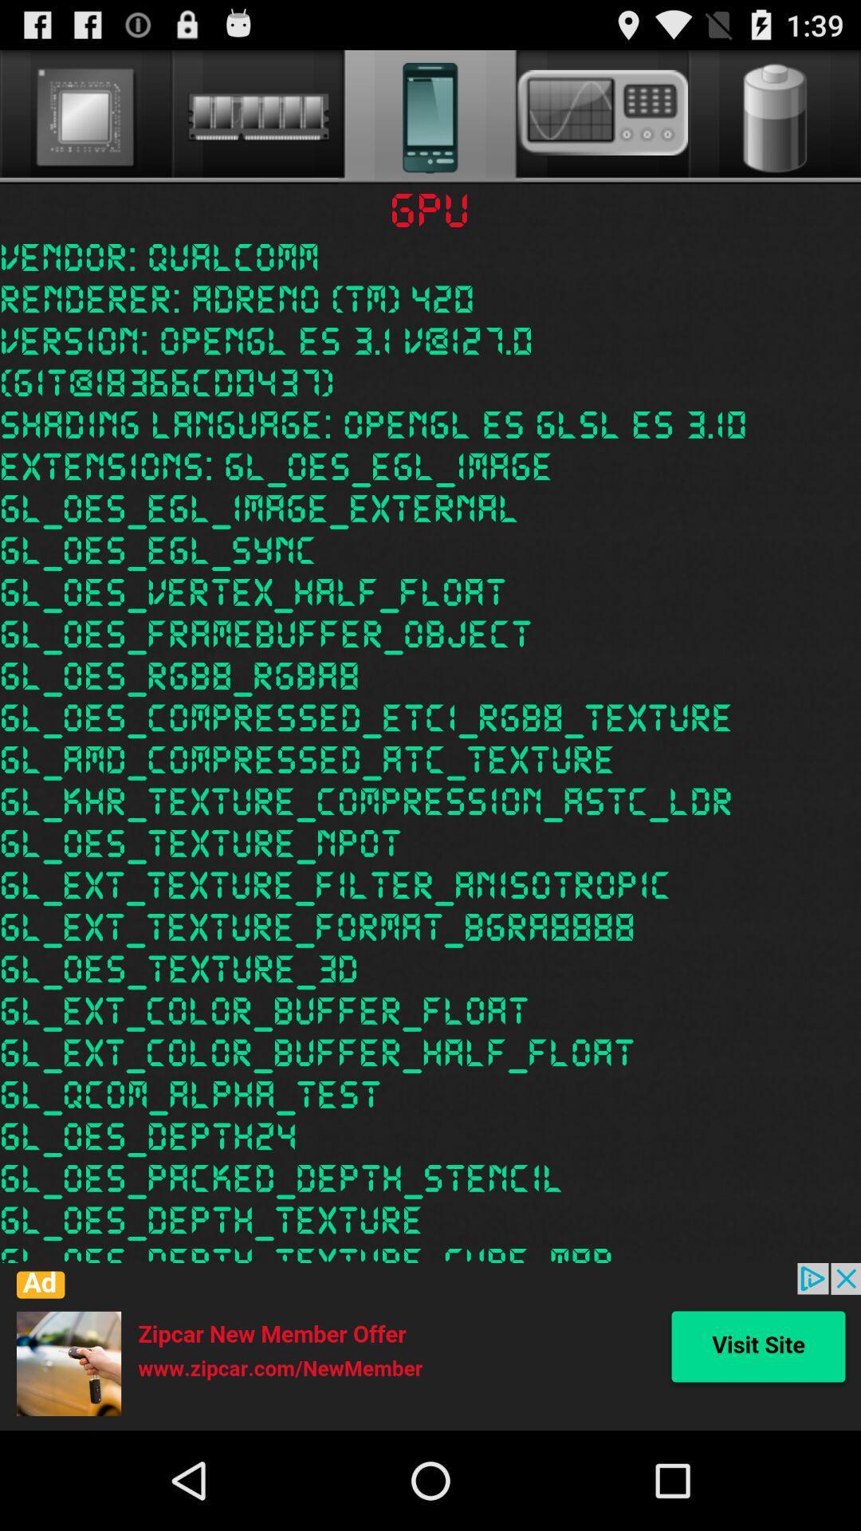 Image resolution: width=861 pixels, height=1531 pixels. I want to click on visualizar anncio, so click(431, 1346).